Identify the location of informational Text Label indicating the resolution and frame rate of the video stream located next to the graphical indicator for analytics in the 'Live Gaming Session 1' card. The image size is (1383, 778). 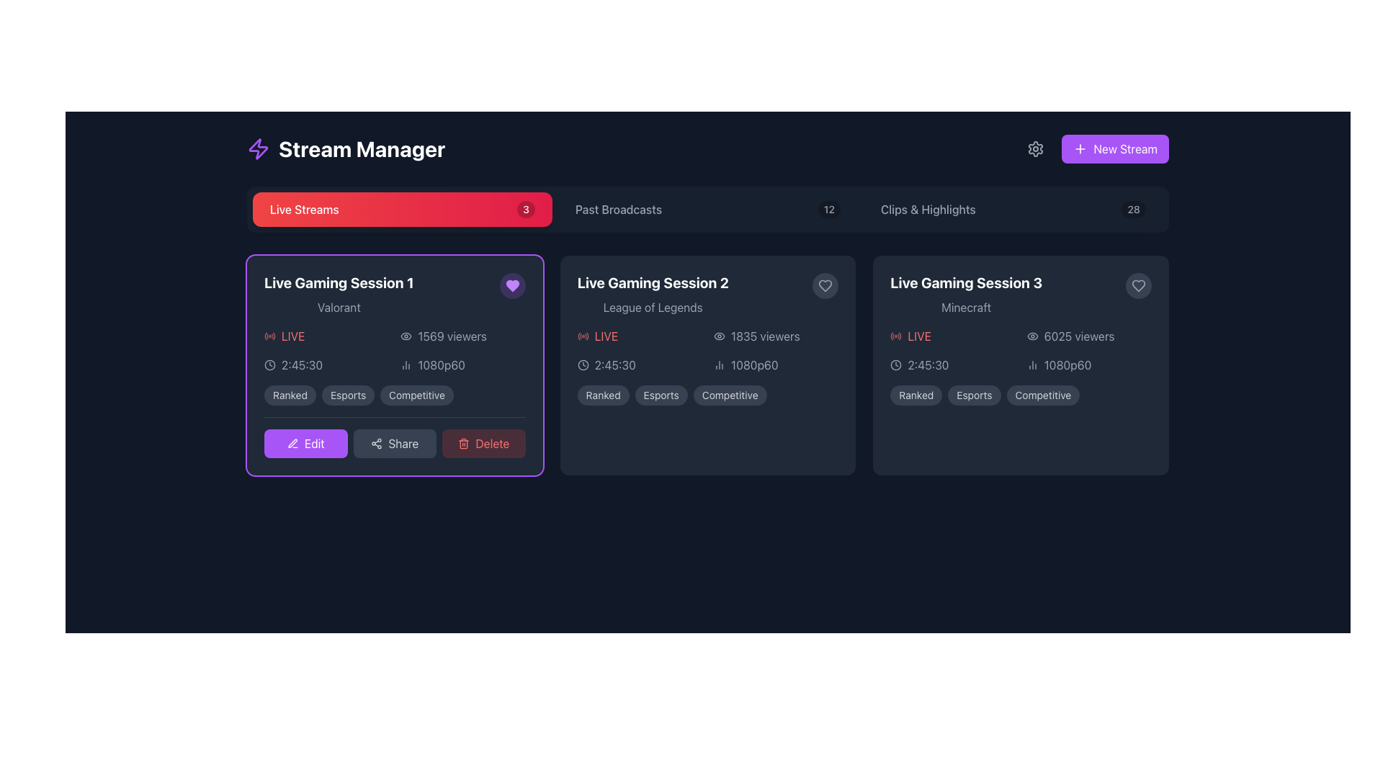
(441, 364).